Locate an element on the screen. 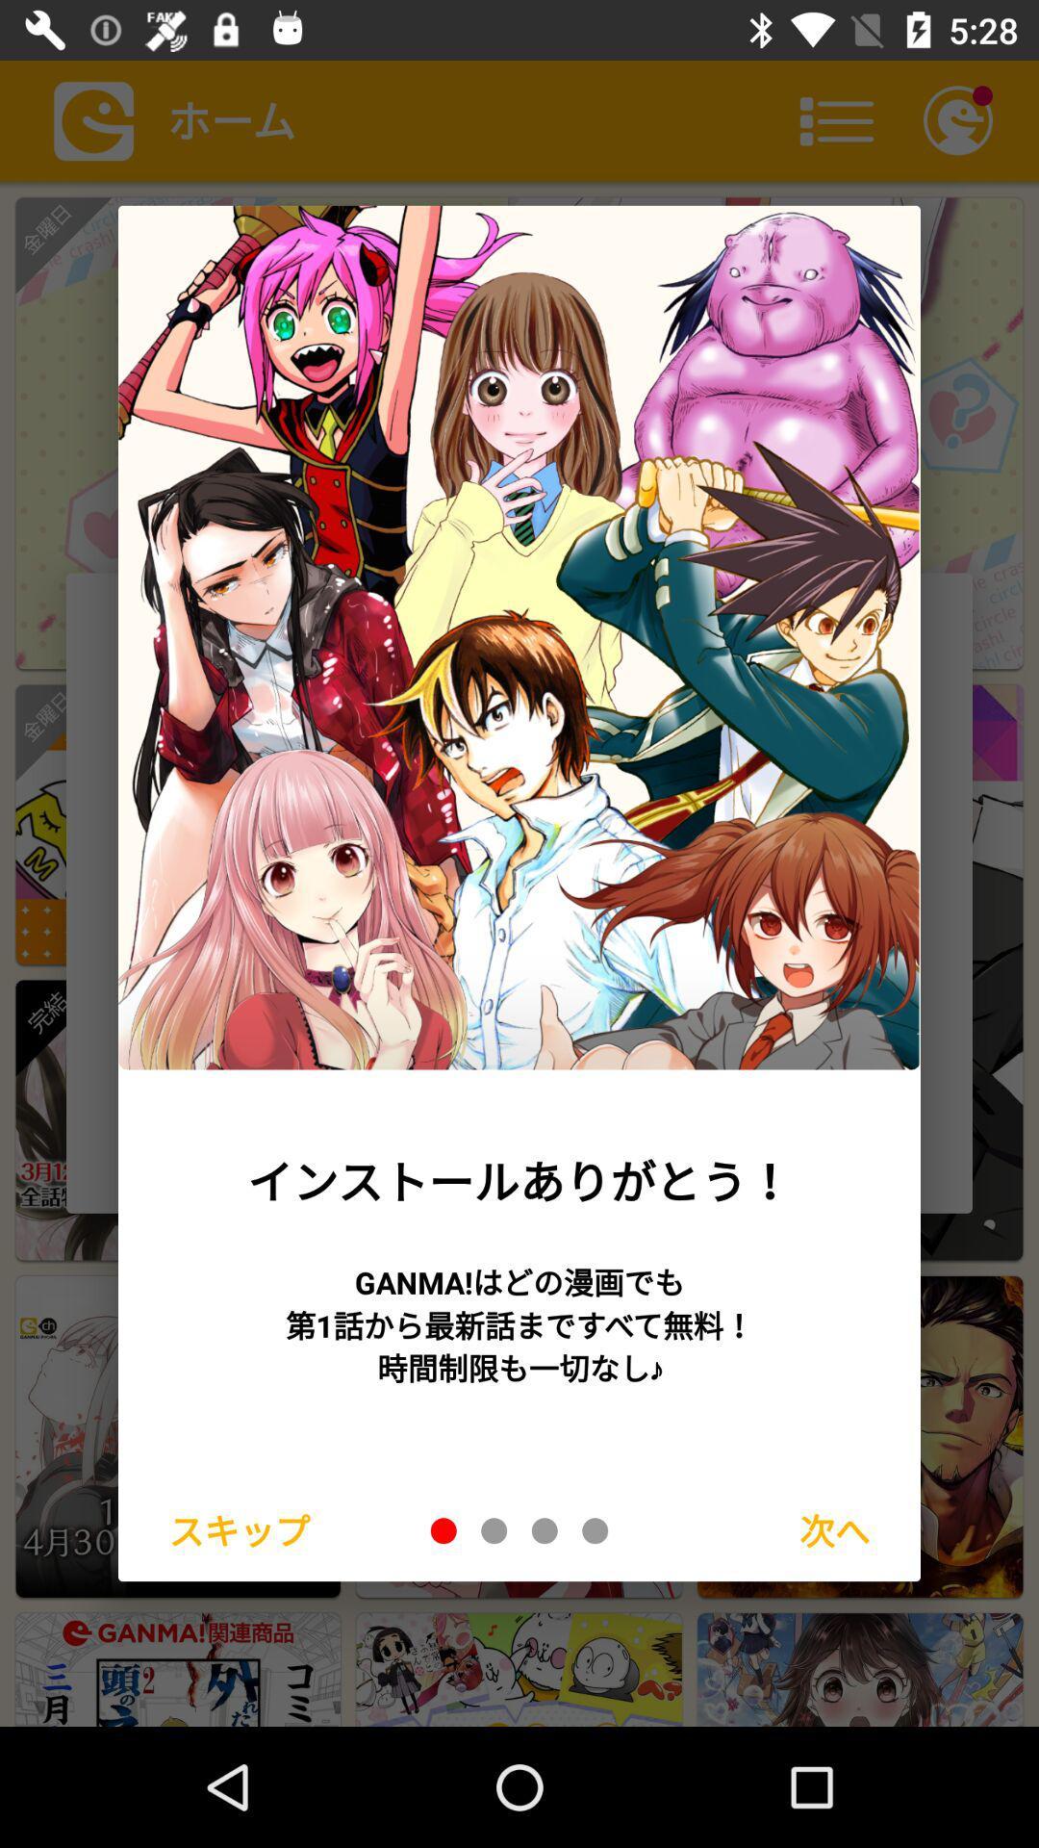 The height and width of the screenshot is (1848, 1039). click on the dot is located at coordinates (443, 1529).